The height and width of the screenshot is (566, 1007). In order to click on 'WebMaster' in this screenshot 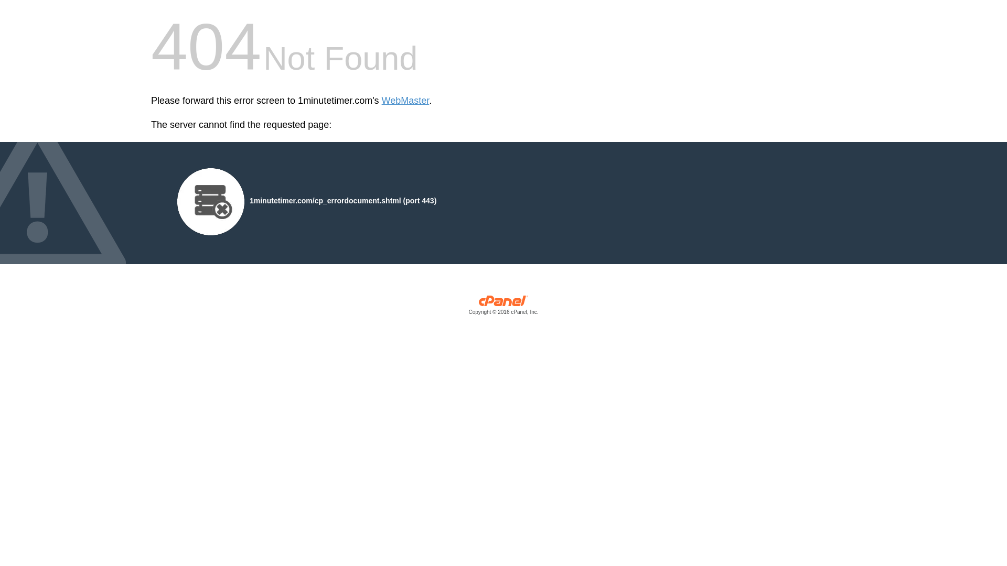, I will do `click(405, 101)`.